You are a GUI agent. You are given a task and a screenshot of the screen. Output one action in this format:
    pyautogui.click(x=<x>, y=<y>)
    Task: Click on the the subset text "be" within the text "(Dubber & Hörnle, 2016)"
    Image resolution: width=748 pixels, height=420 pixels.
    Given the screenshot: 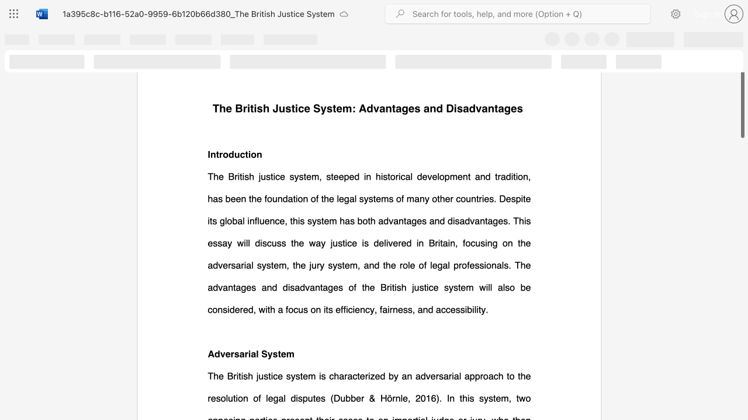 What is the action you would take?
    pyautogui.click(x=350, y=397)
    